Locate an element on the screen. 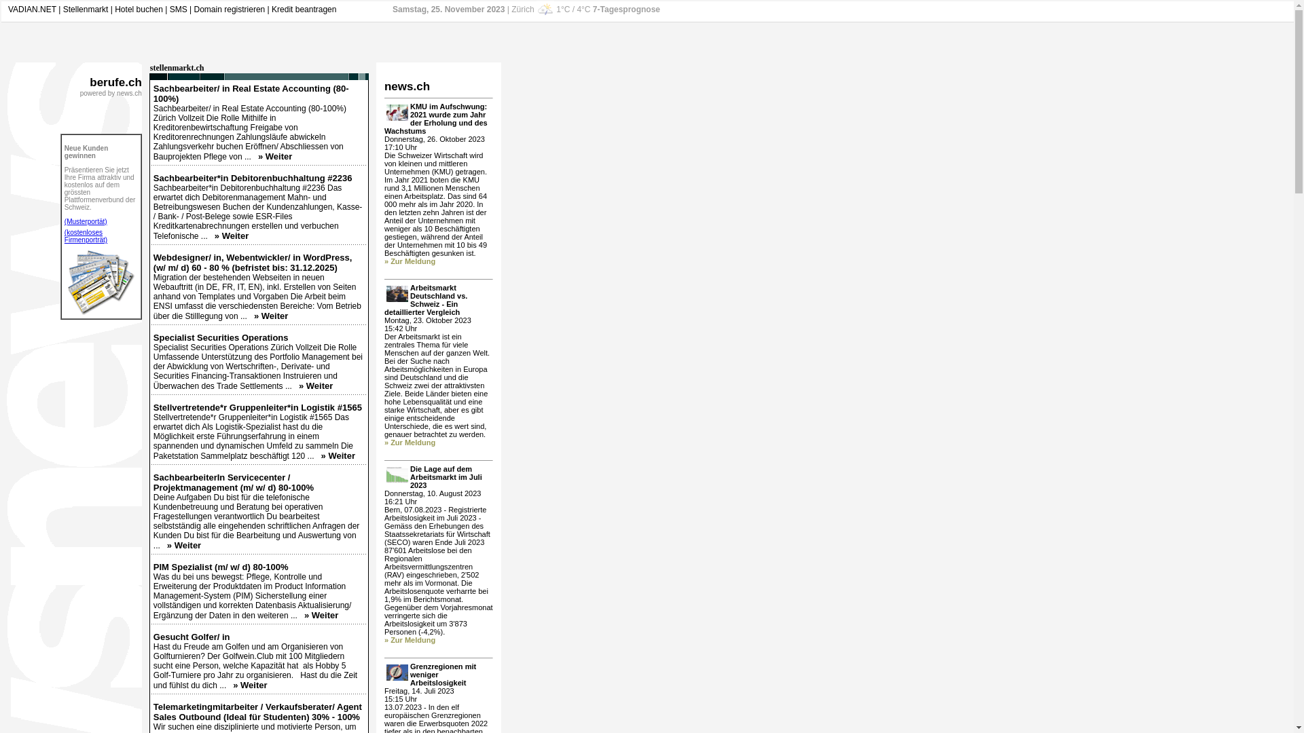 This screenshot has height=733, width=1304. 'PIM Spezialist (m/ w/ d) 80-100%' is located at coordinates (221, 567).